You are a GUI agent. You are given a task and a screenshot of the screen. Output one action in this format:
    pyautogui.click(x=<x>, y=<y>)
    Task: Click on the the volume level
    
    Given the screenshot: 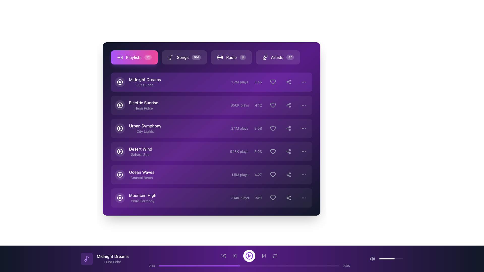 What is the action you would take?
    pyautogui.click(x=399, y=259)
    